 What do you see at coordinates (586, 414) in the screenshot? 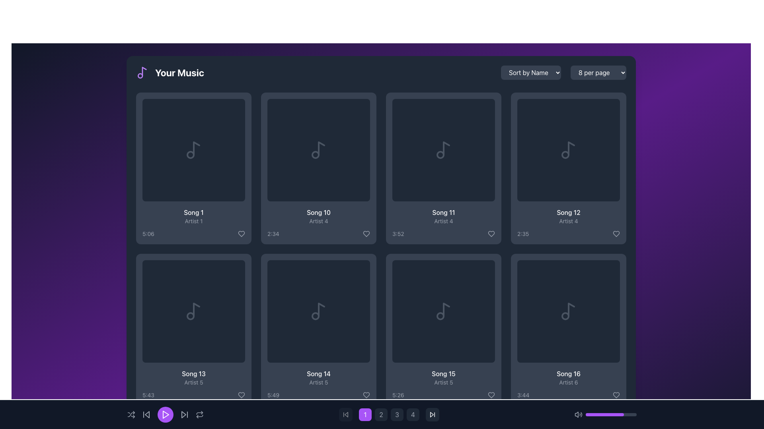
I see `the volume` at bounding box center [586, 414].